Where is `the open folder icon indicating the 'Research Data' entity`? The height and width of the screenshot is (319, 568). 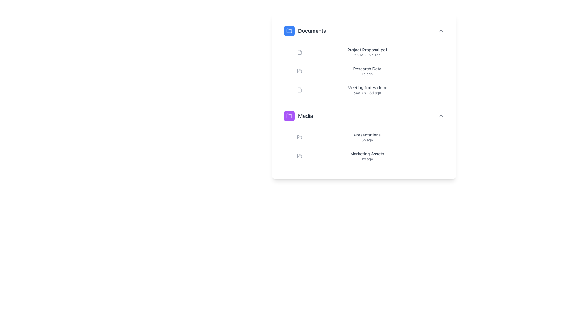 the open folder icon indicating the 'Research Data' entity is located at coordinates (299, 71).